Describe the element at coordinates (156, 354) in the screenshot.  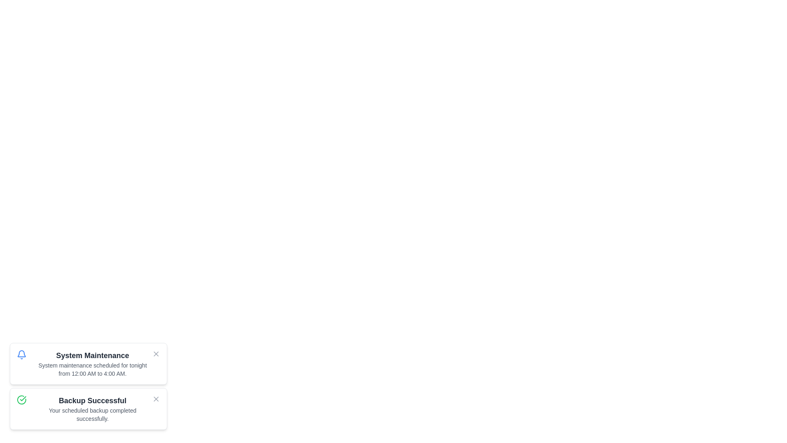
I see `the X-shaped icon in the top-right corner of the 'System Maintenance' notification, styled with a thin stroke and rounded edges` at that location.